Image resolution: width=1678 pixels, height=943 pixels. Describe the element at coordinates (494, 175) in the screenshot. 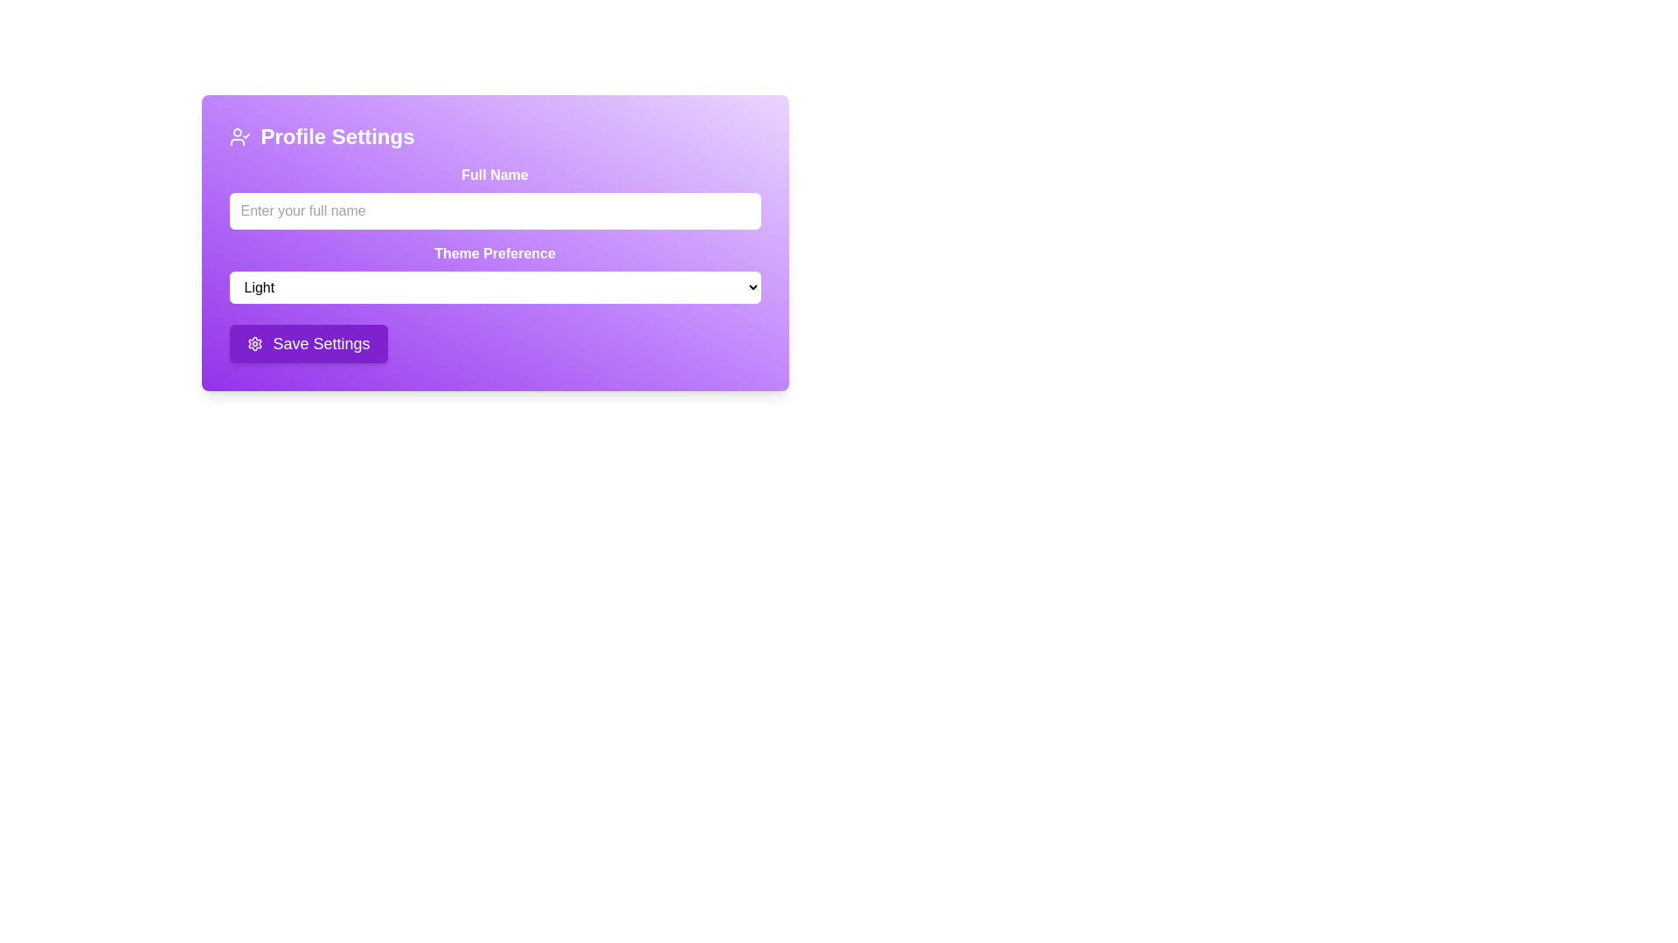

I see `the label indicating that users should enter their full name, which is located directly above the input field with the placeholder 'Enter your full name'` at that location.